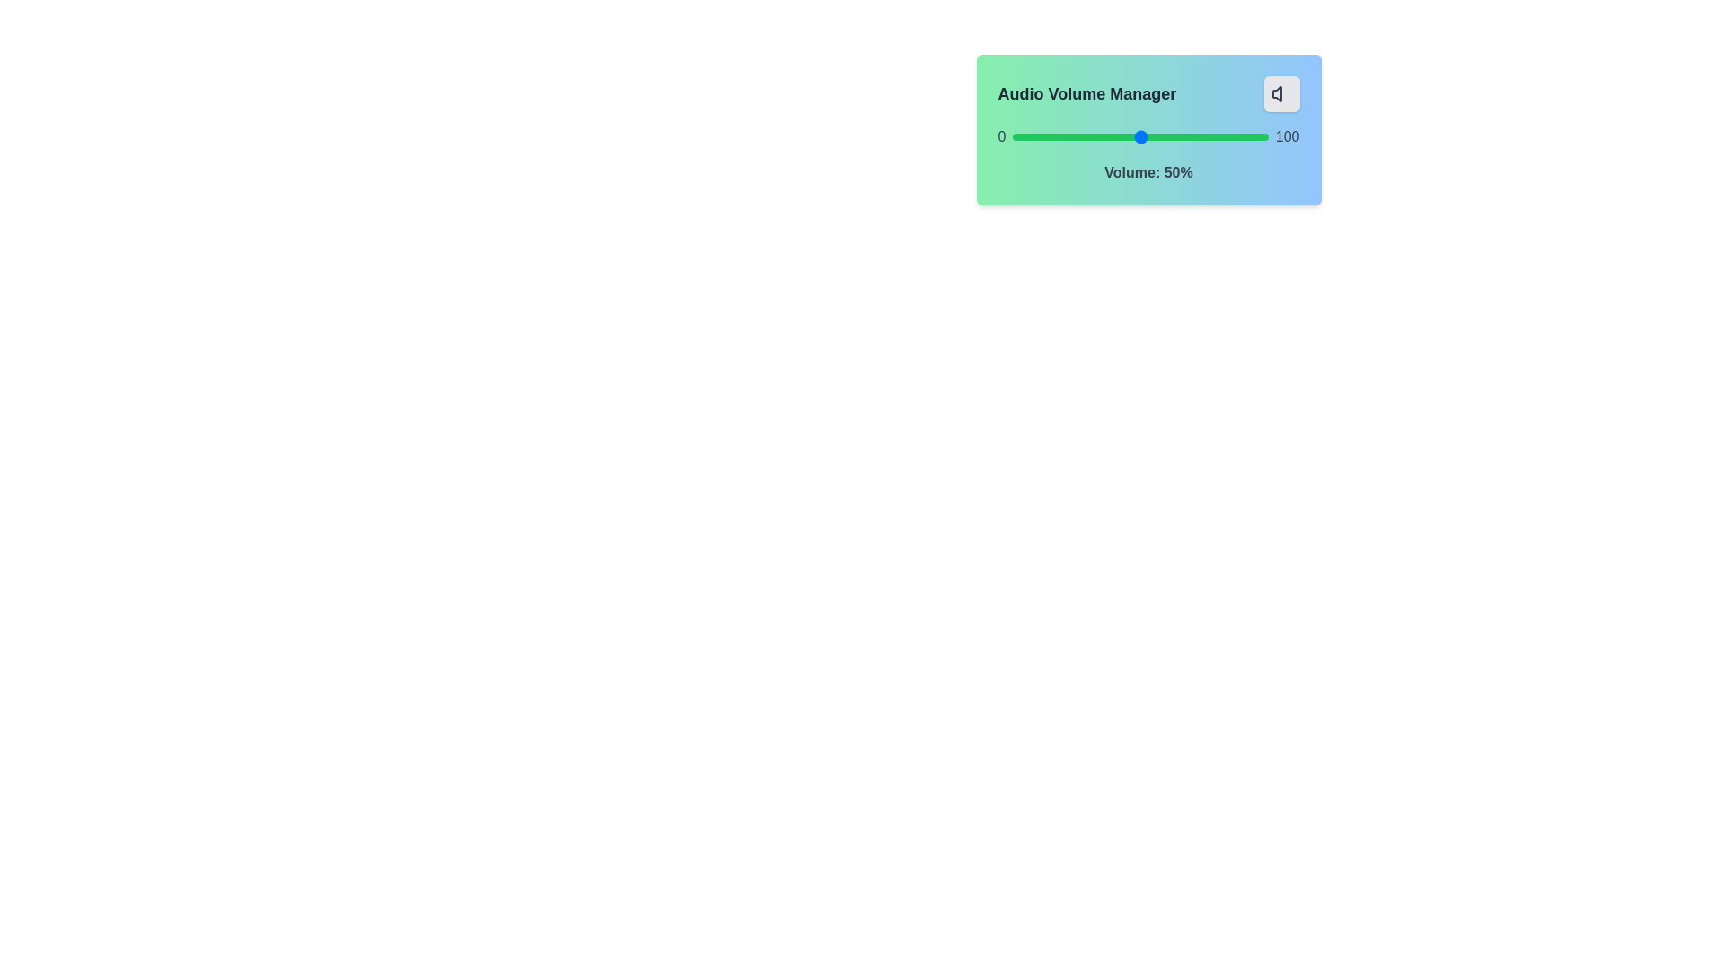 The image size is (1724, 969). I want to click on the audio control button located in the top-right corner of the Audio Volume Manager header, so click(1280, 93).